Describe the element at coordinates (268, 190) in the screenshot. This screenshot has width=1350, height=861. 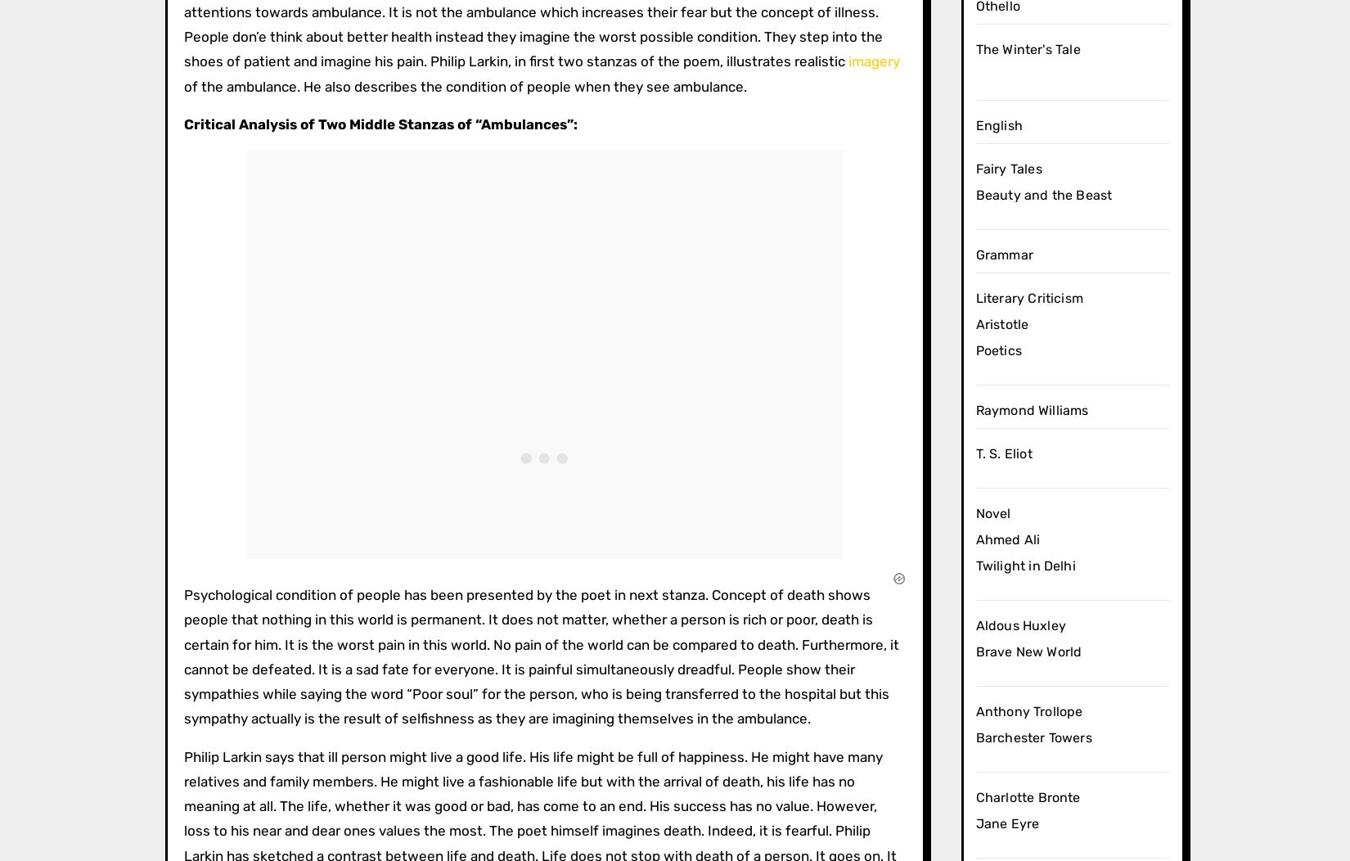
I see `'THROWING LIGHT ON LITERATURE'` at that location.